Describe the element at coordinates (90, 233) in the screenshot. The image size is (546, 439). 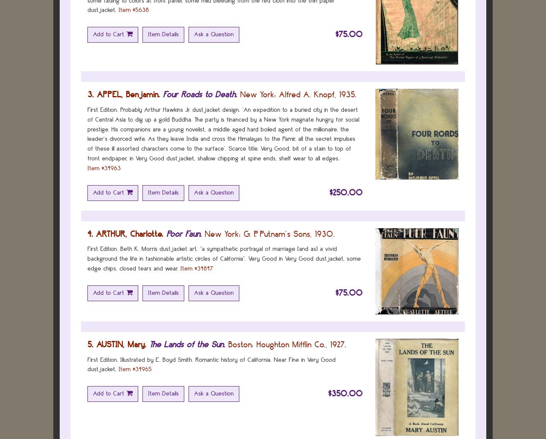
I see `'4.'` at that location.